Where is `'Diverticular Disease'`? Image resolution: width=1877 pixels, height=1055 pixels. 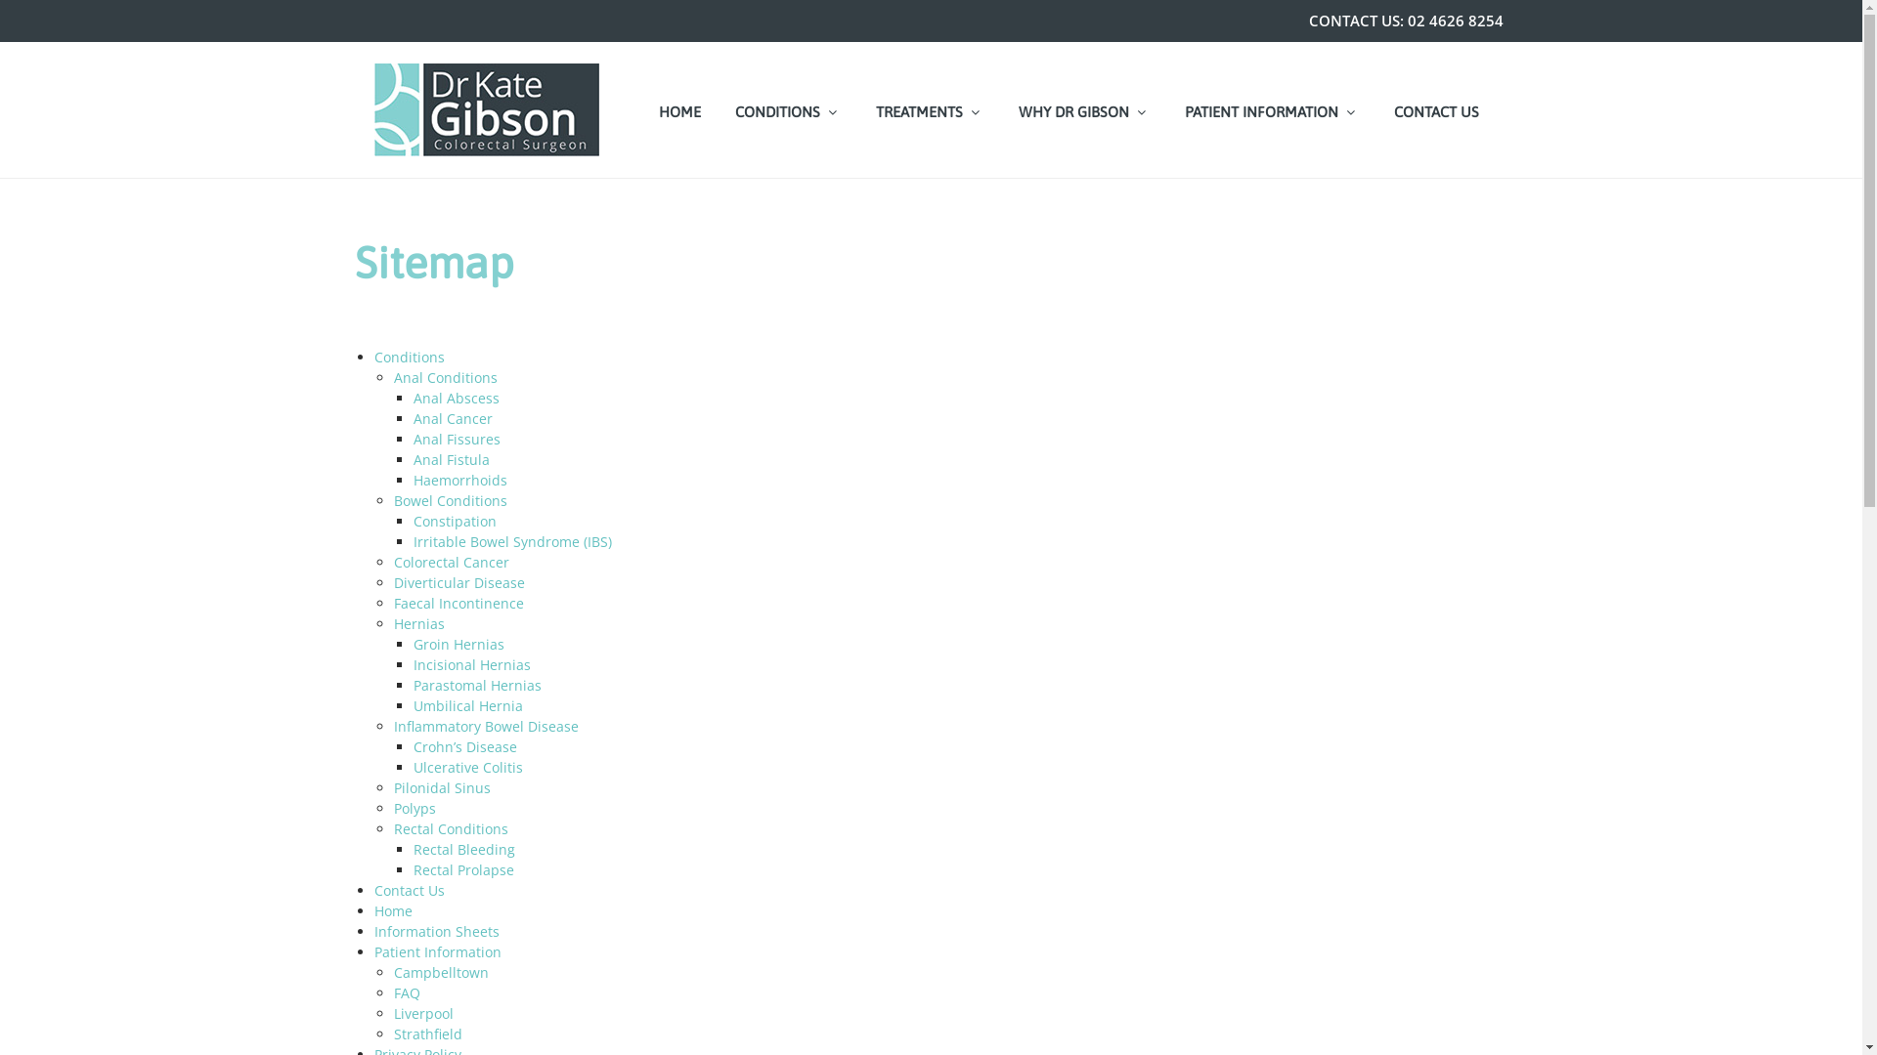
'Diverticular Disease' is located at coordinates (458, 581).